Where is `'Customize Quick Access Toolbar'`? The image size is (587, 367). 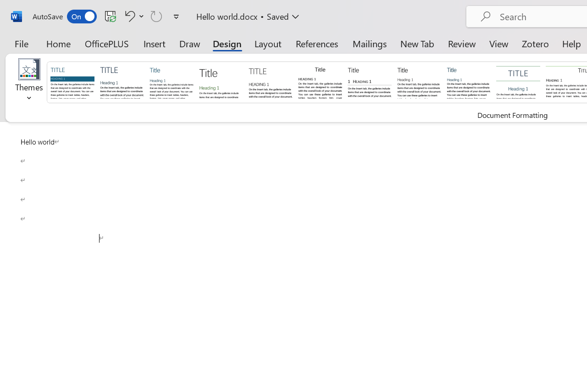 'Customize Quick Access Toolbar' is located at coordinates (176, 16).